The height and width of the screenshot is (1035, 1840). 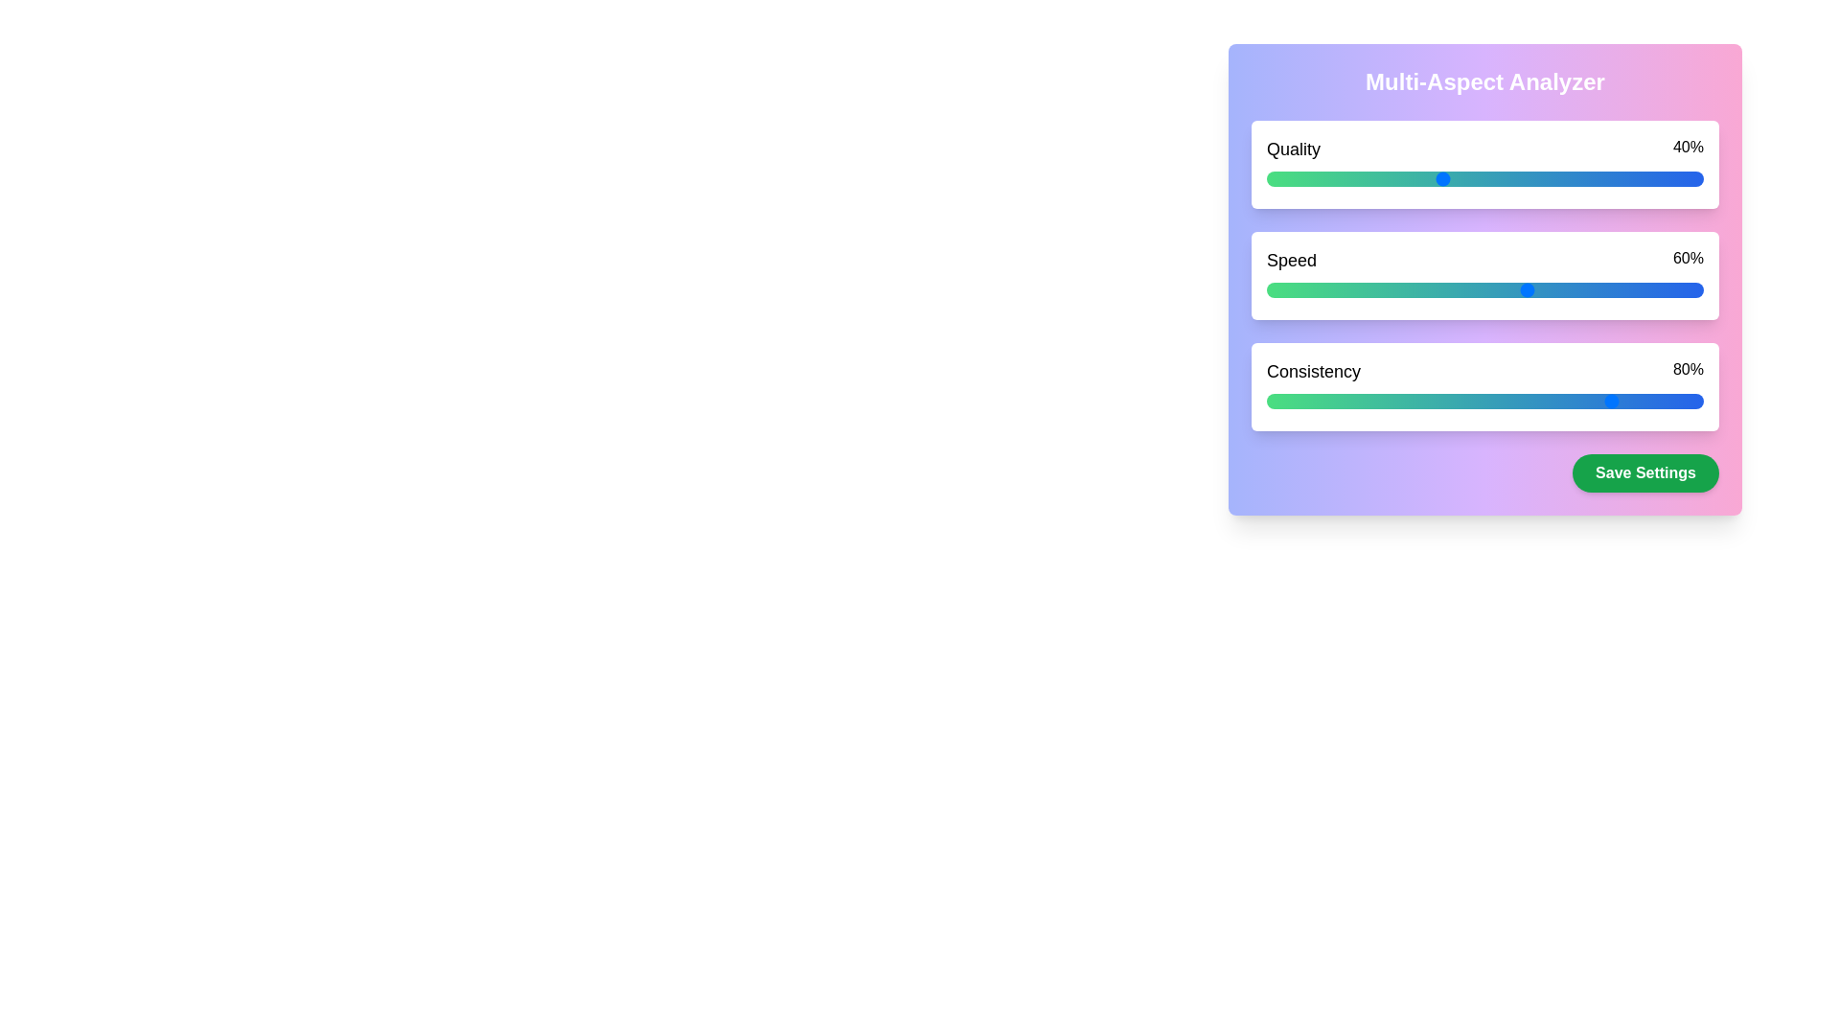 I want to click on the percentage or label within the group of labeled progress indicators titled 'Quality,' 'Speed,' and 'Consistency.', so click(x=1484, y=276).